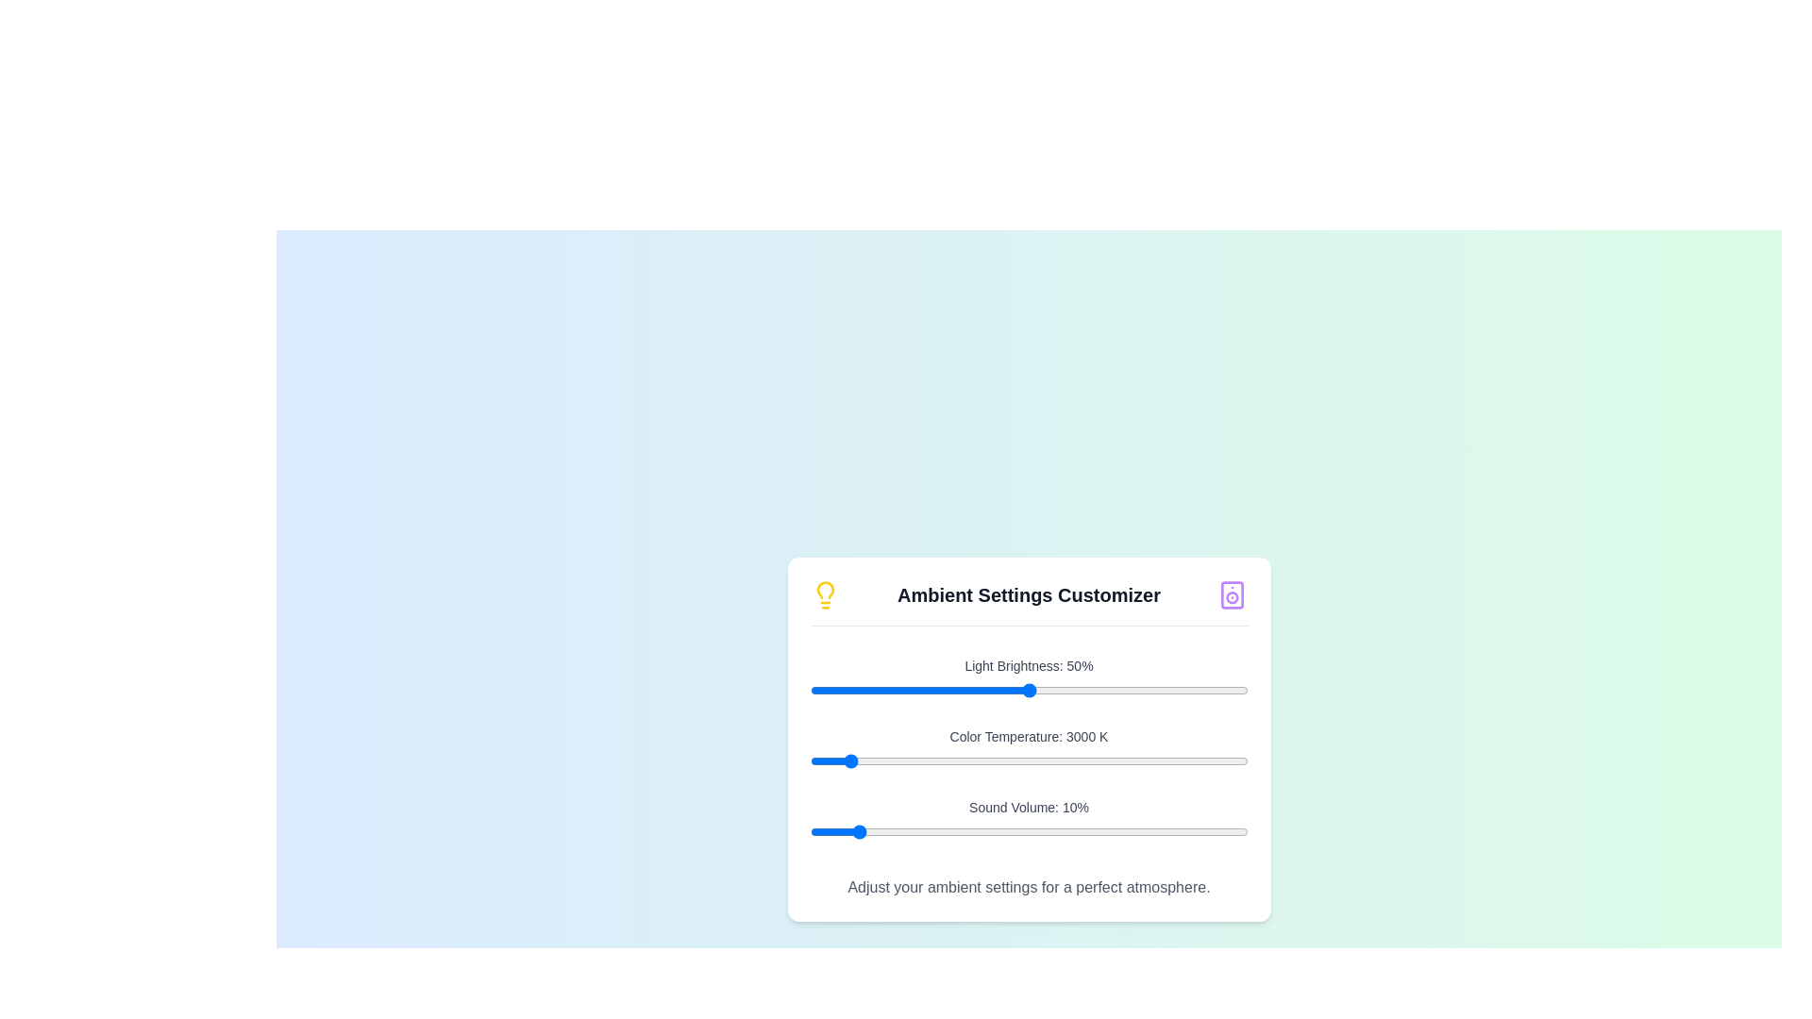 This screenshot has height=1019, width=1812. Describe the element at coordinates (927, 760) in the screenshot. I see `the color temperature` at that location.